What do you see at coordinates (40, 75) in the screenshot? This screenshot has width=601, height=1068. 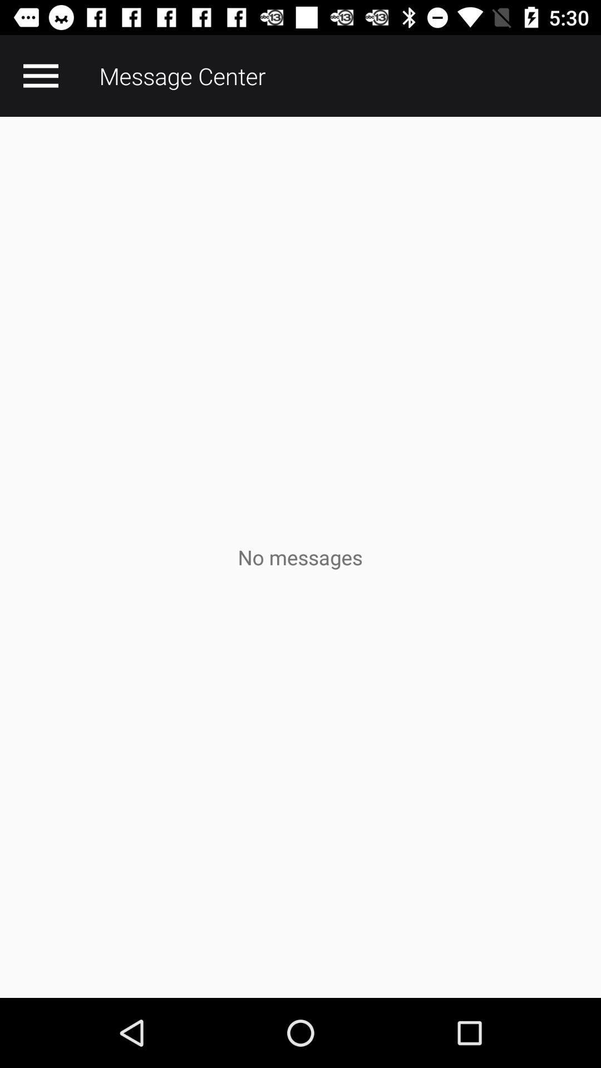 I see `the app to the left of the message center icon` at bounding box center [40, 75].